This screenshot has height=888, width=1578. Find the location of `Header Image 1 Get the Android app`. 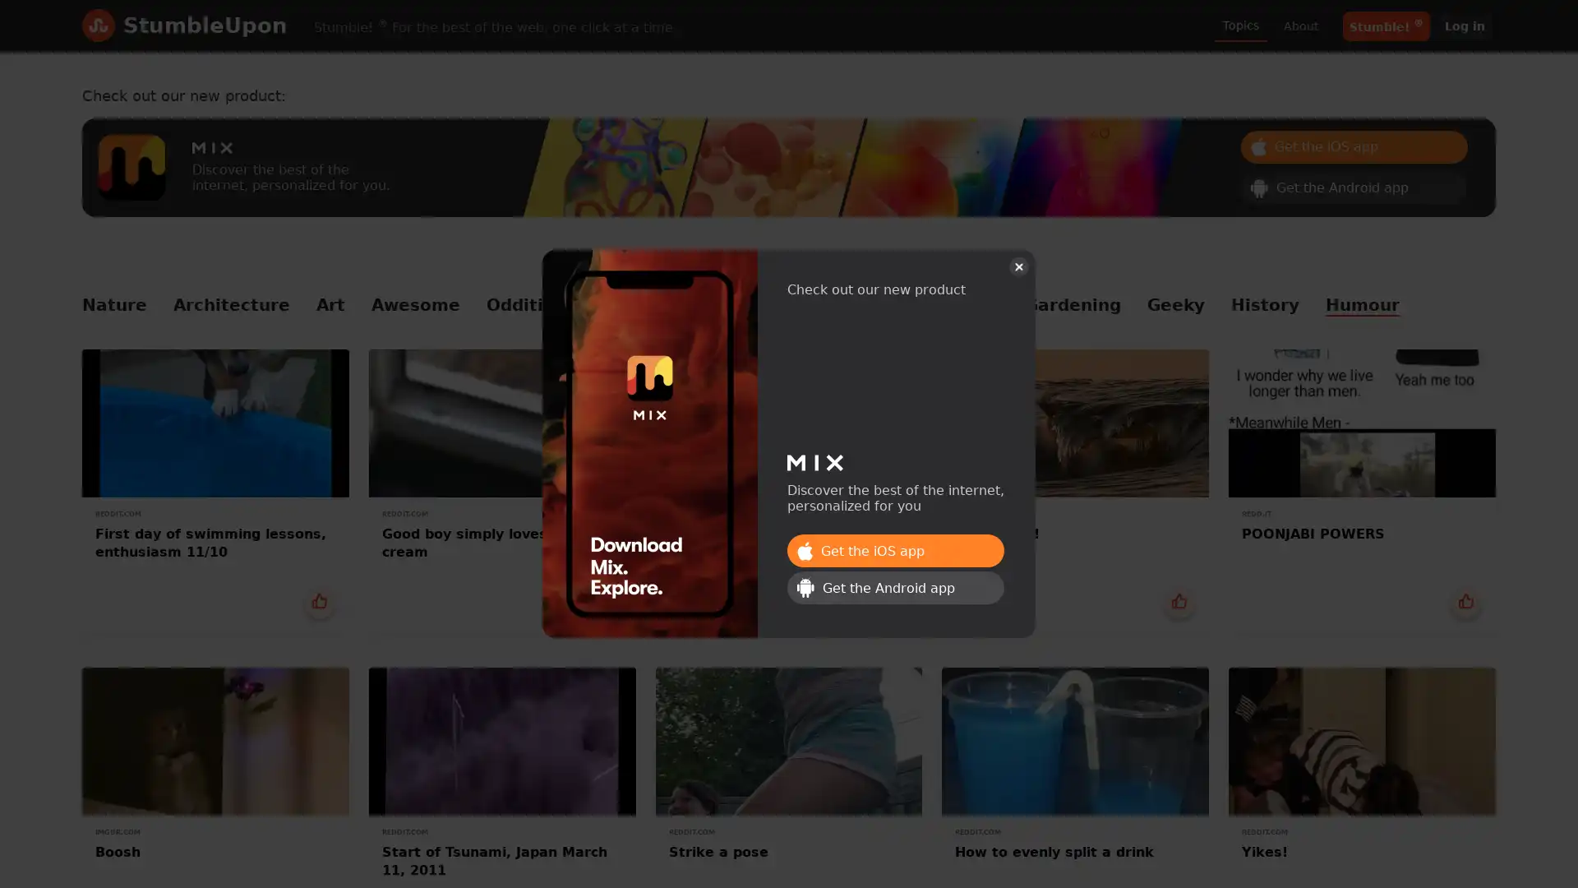

Header Image 1 Get the Android app is located at coordinates (1354, 186).